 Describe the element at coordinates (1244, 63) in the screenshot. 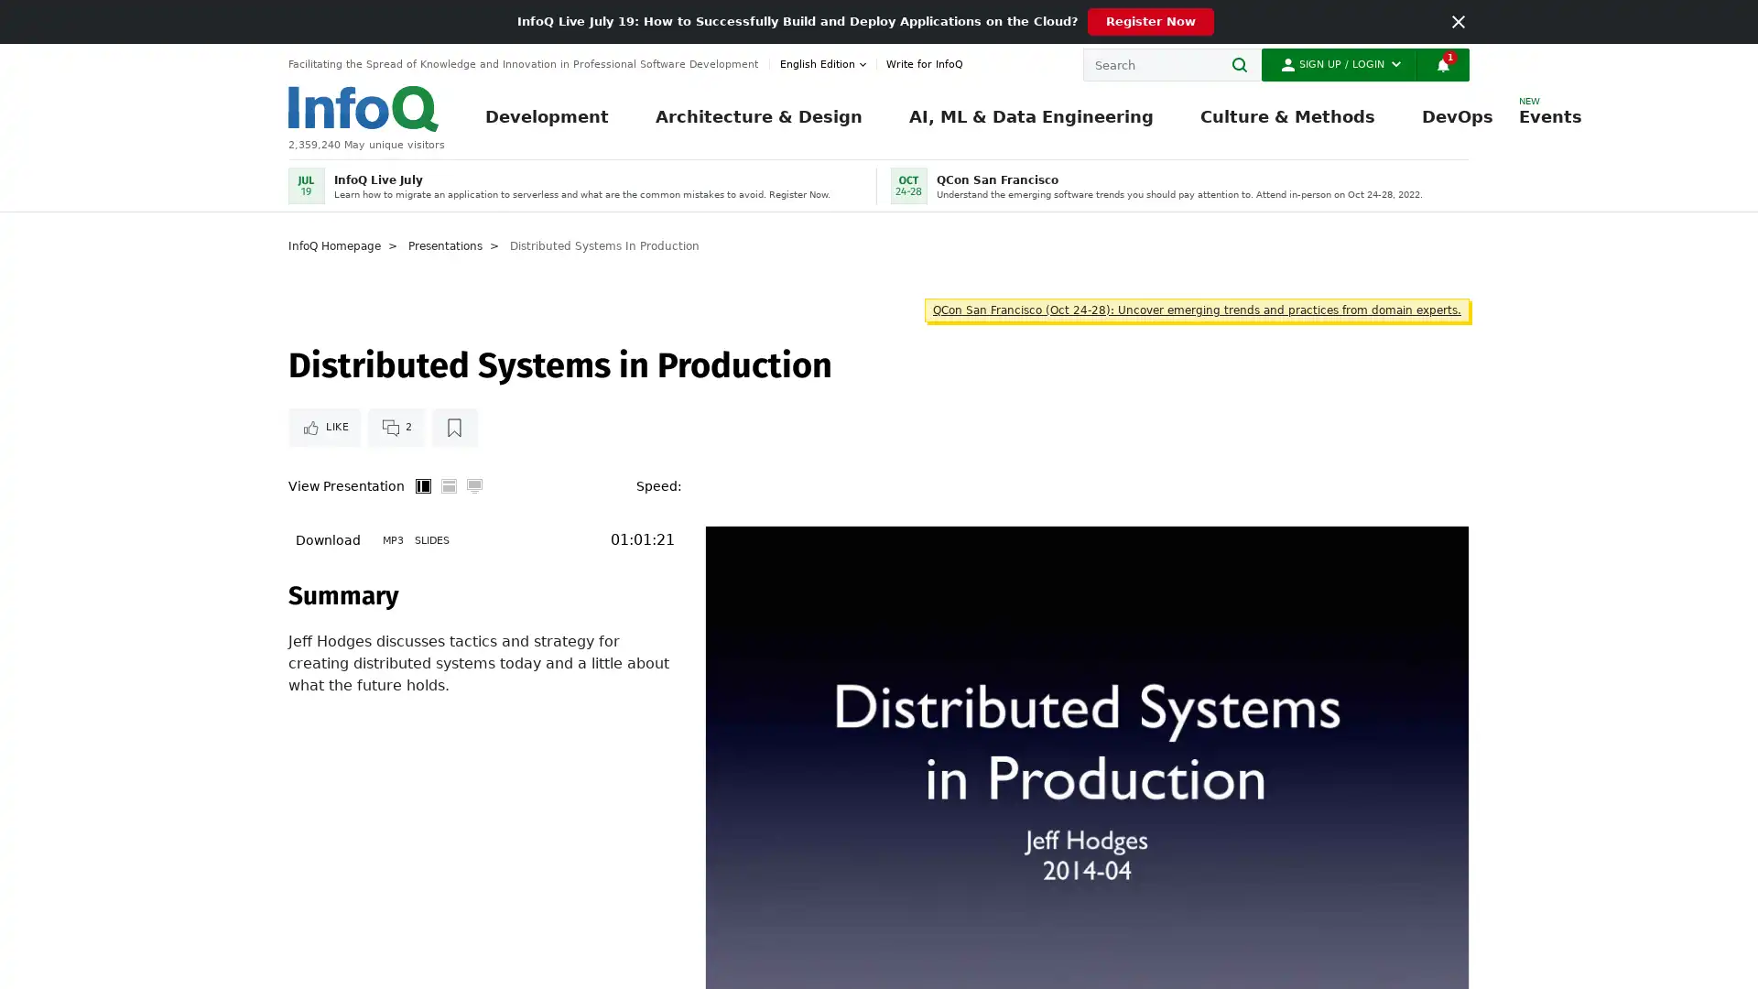

I see `Search` at that location.